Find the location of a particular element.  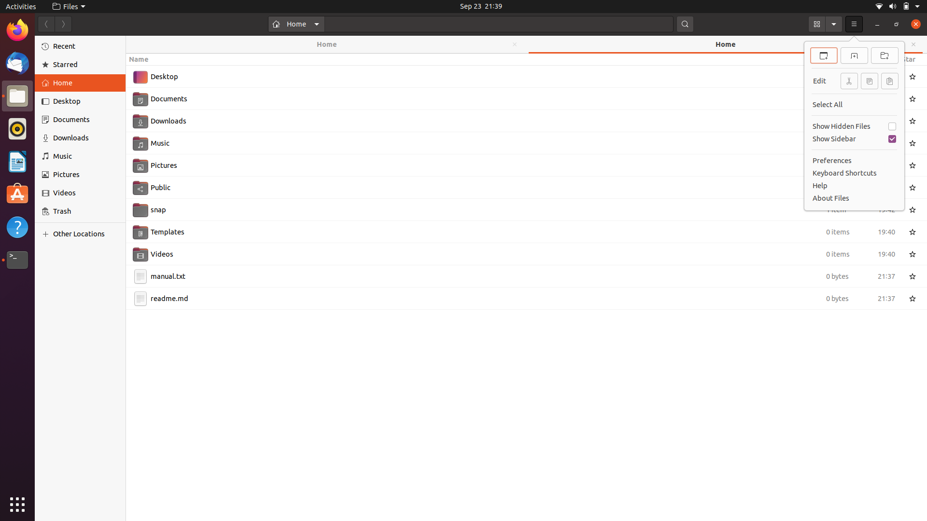

the second item in the menu using the mouse and keyboard is located at coordinates (854, 24).